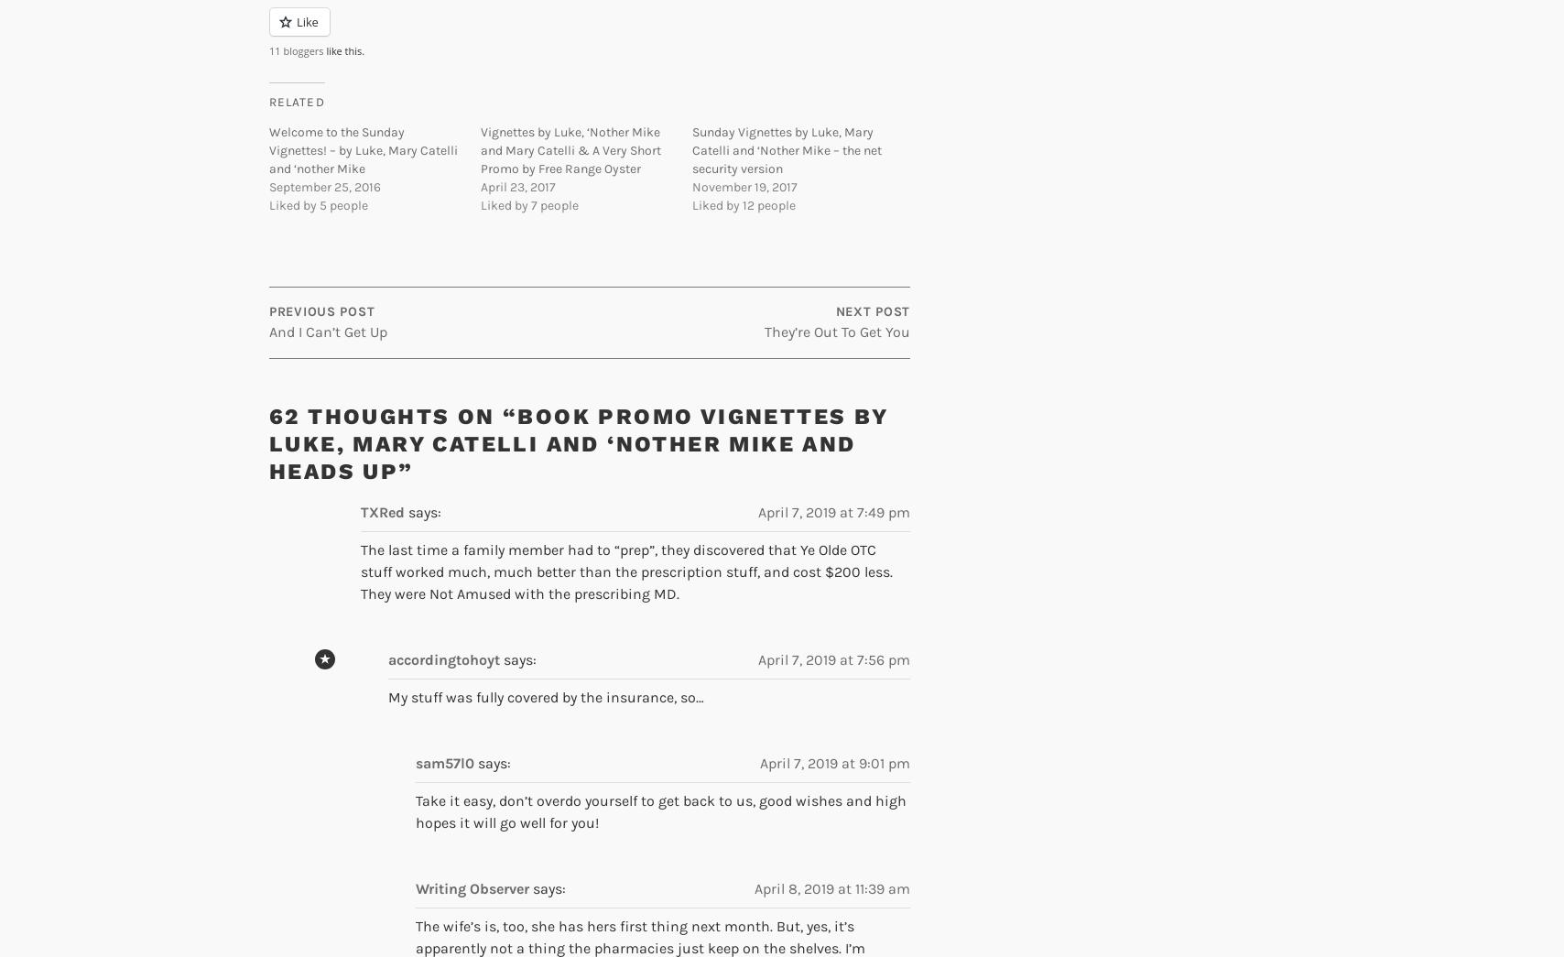  Describe the element at coordinates (835, 762) in the screenshot. I see `'April 7, 2019 at 9:01 pm'` at that location.